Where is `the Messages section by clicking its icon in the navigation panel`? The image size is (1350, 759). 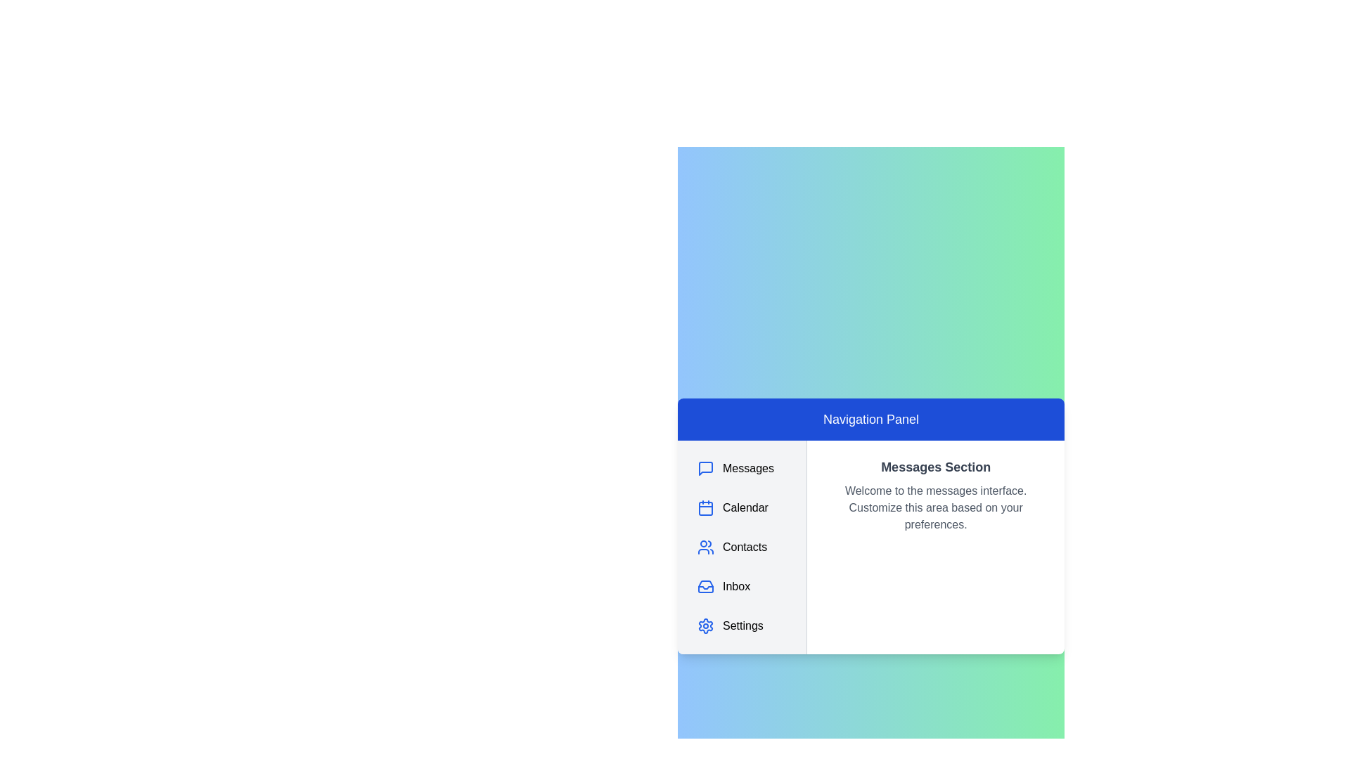
the Messages section by clicking its icon in the navigation panel is located at coordinates (705, 469).